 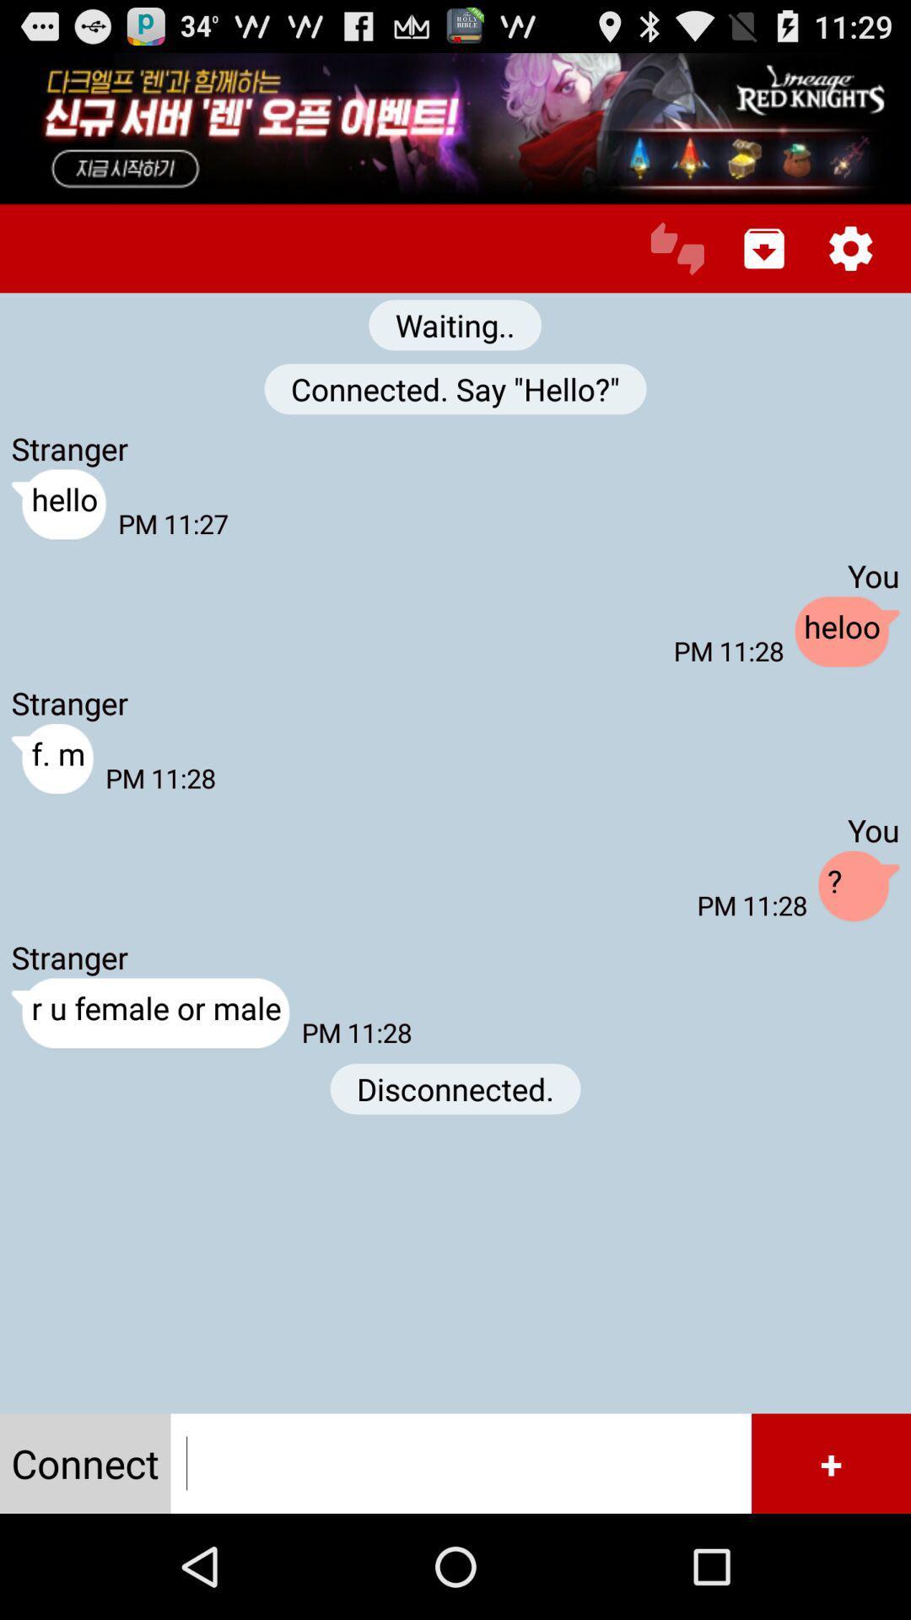 I want to click on settings, so click(x=850, y=247).